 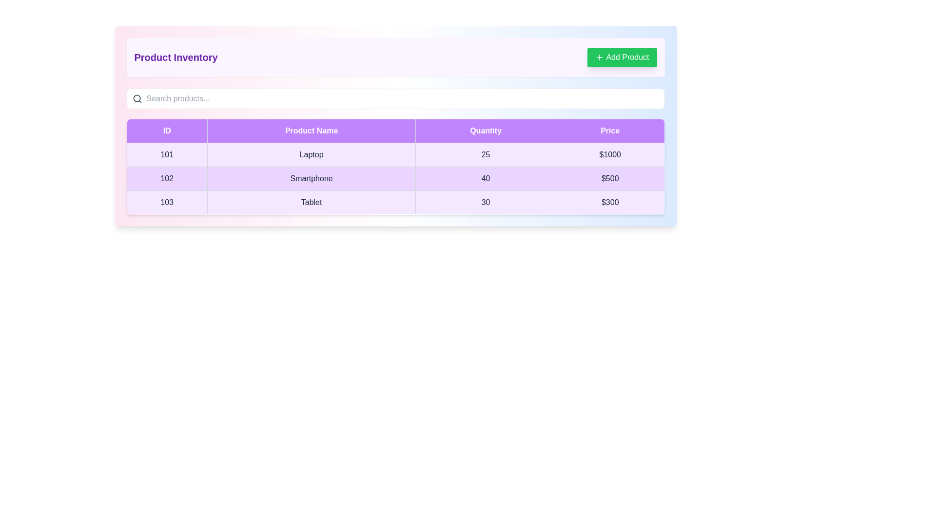 I want to click on the Text label displaying the product name 'Smartphone' located in row '102' of the product inventory table, so click(x=311, y=178).